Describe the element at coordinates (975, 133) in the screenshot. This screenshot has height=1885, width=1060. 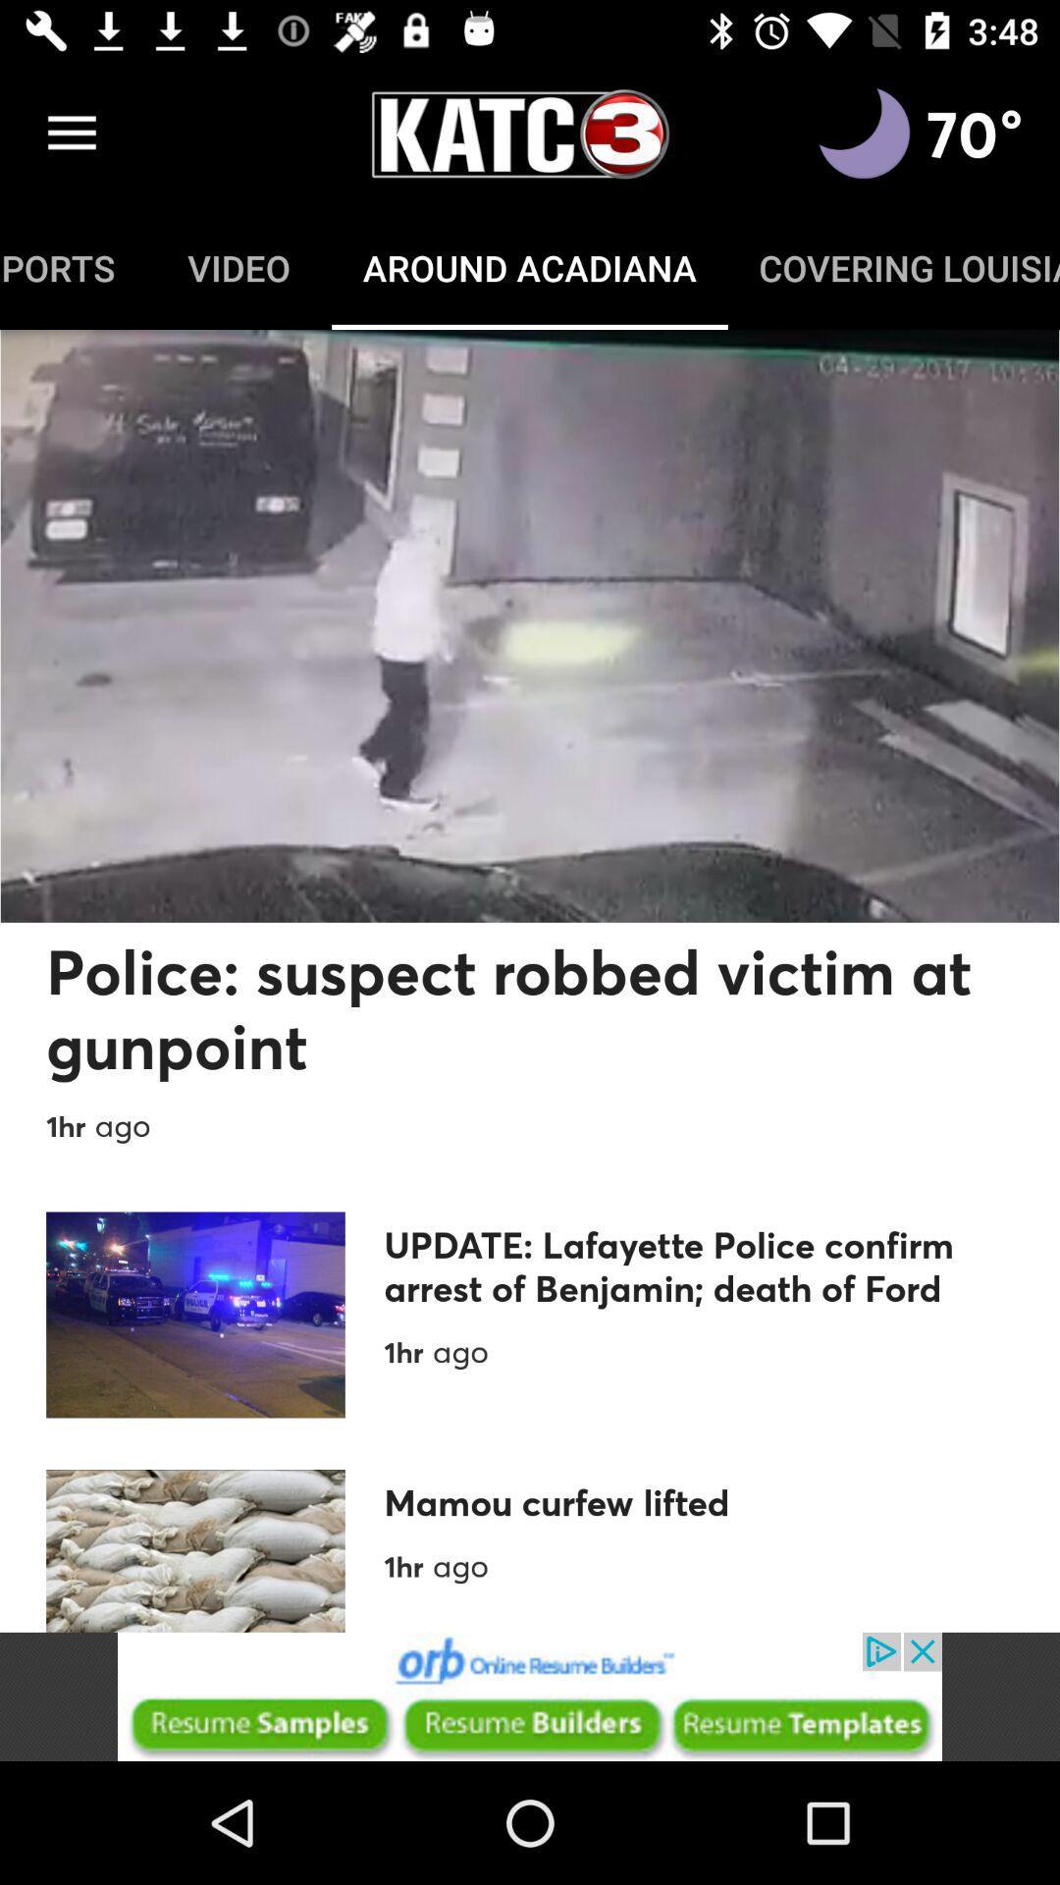
I see `the text 70 on the top right corner of the  web page` at that location.